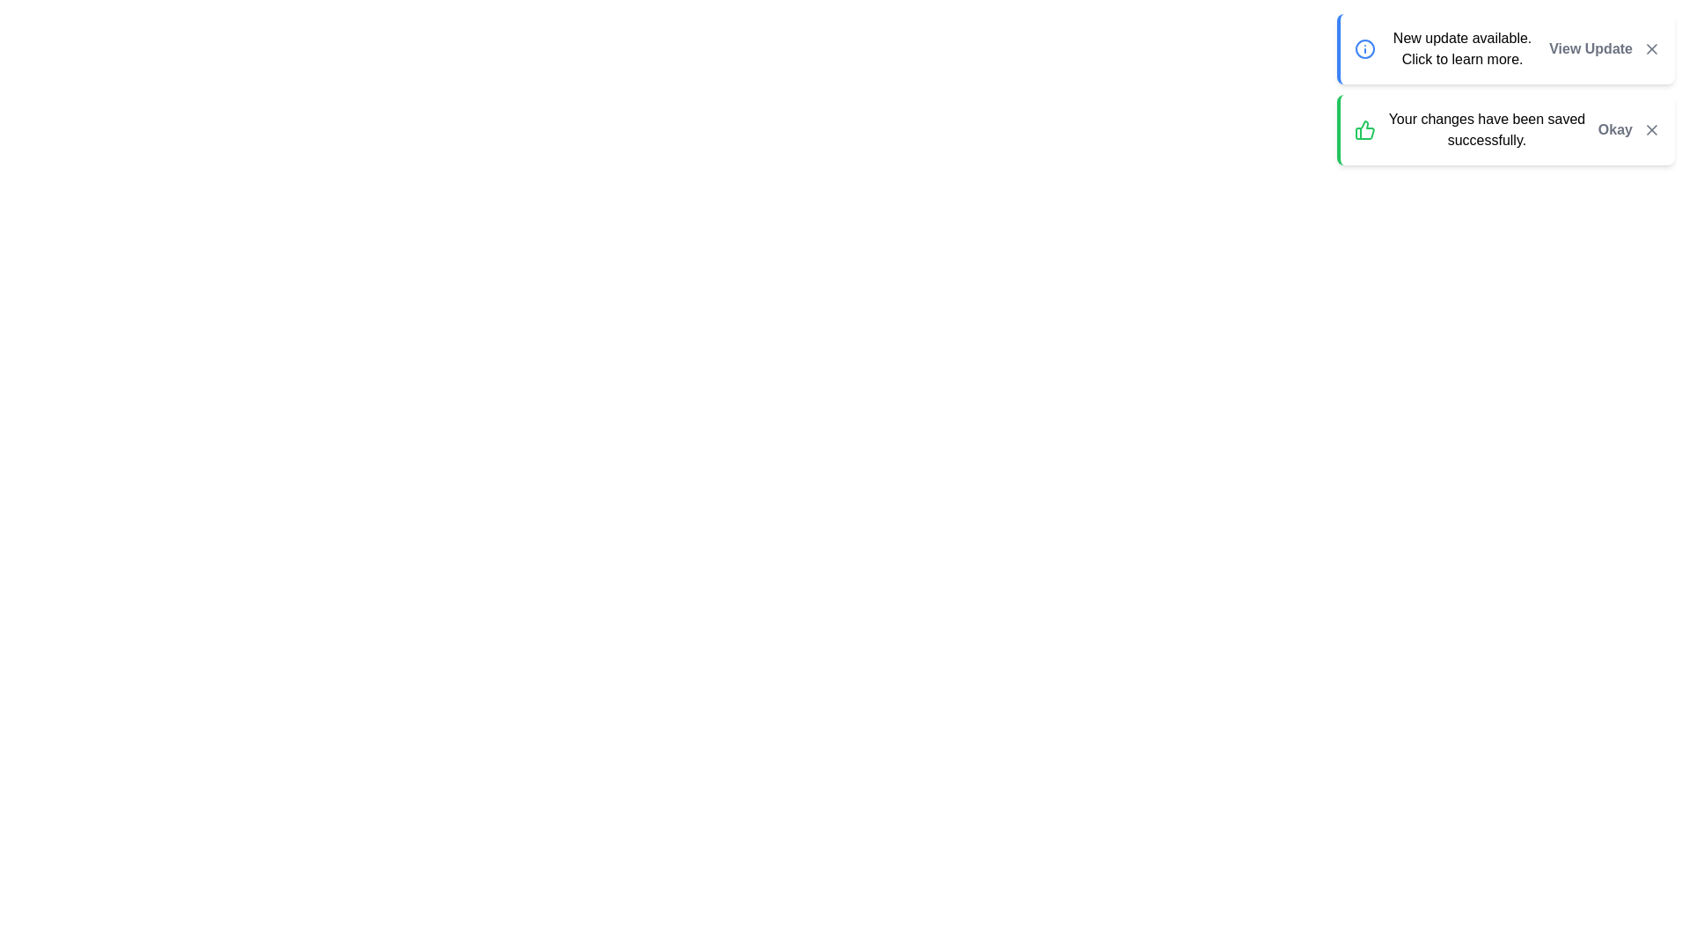 The height and width of the screenshot is (950, 1689). What do you see at coordinates (1462, 48) in the screenshot?
I see `the informational message text located in the top right area of the notification card, positioned between the information icon and the 'View Update' button` at bounding box center [1462, 48].